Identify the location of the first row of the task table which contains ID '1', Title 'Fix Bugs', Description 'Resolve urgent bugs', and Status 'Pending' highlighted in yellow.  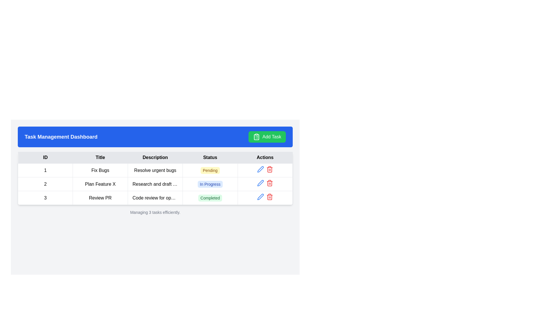
(155, 170).